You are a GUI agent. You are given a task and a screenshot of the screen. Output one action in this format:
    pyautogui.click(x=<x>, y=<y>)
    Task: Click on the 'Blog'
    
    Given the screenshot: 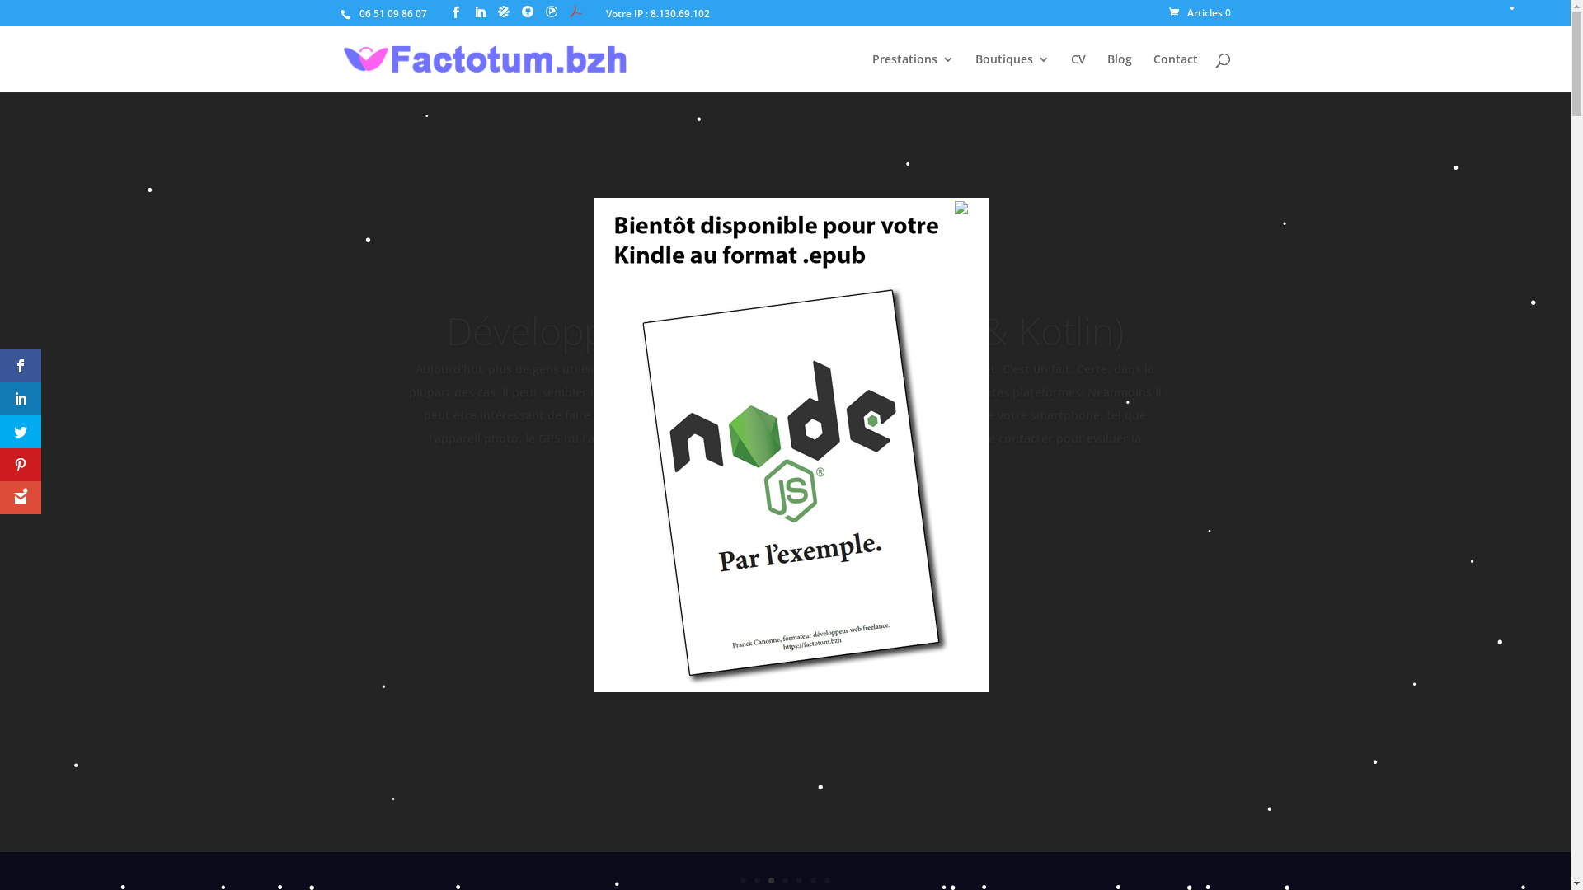 What is the action you would take?
    pyautogui.click(x=1119, y=72)
    